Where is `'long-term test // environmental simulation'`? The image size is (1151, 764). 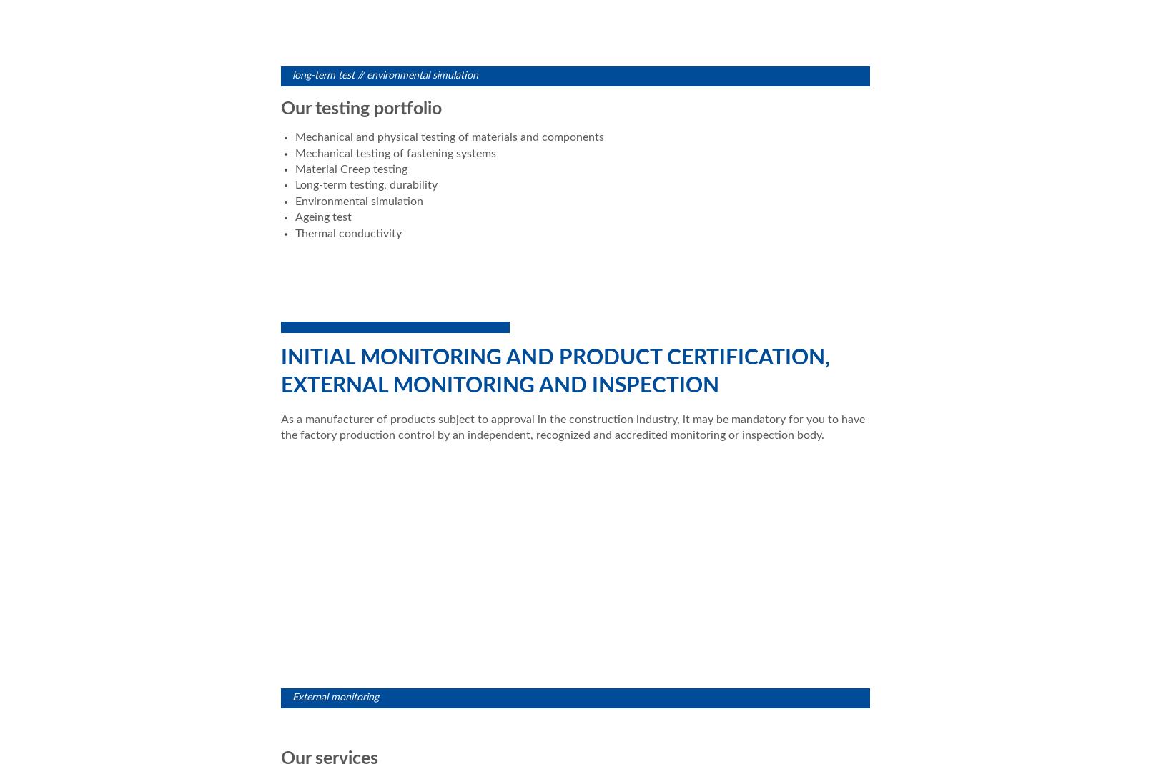
'long-term test // environmental simulation' is located at coordinates (385, 74).